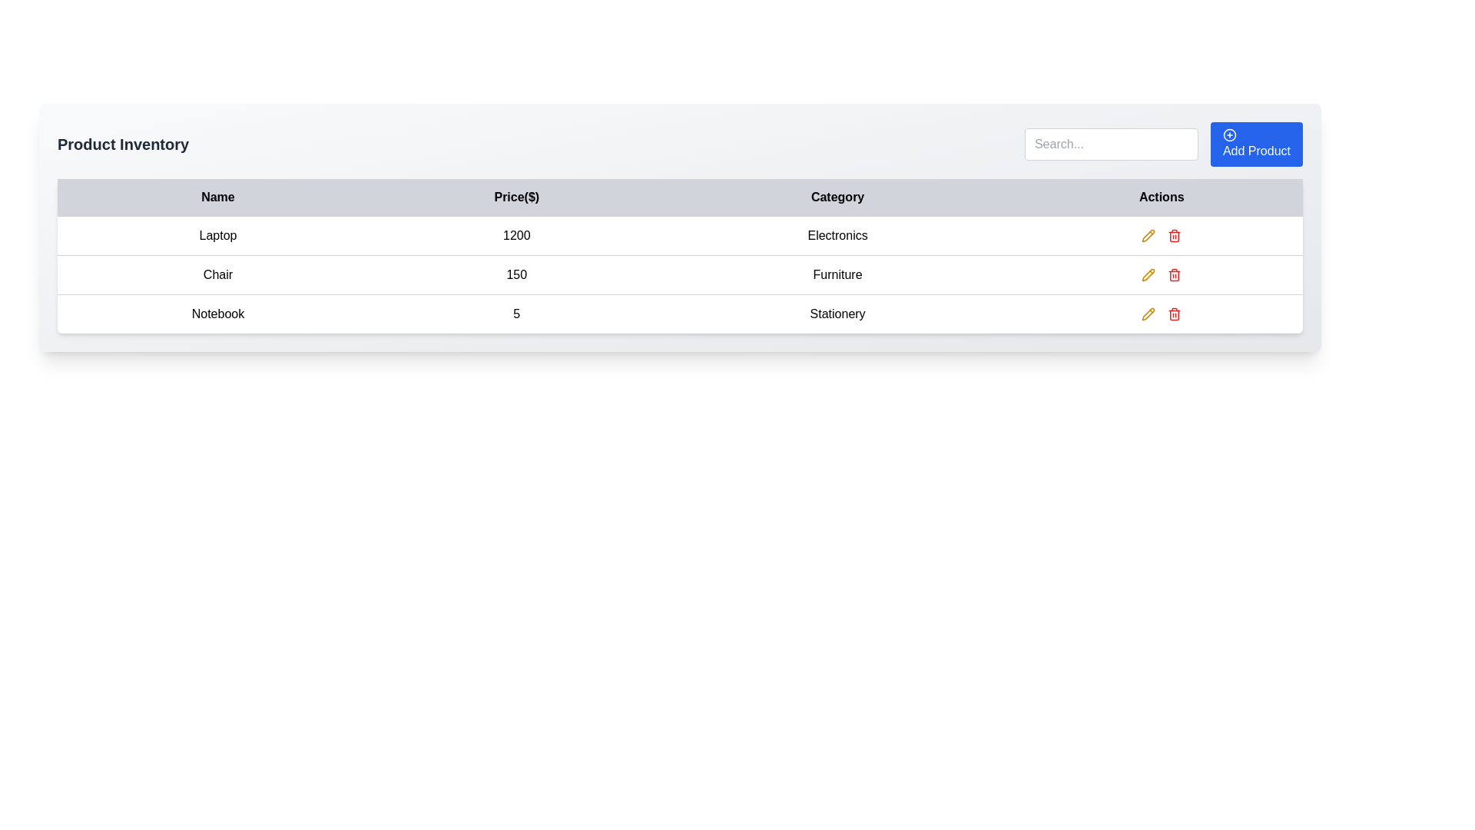  What do you see at coordinates (1149, 236) in the screenshot?
I see `the pencil icon button located in the third row of the table under the 'Actions' column` at bounding box center [1149, 236].